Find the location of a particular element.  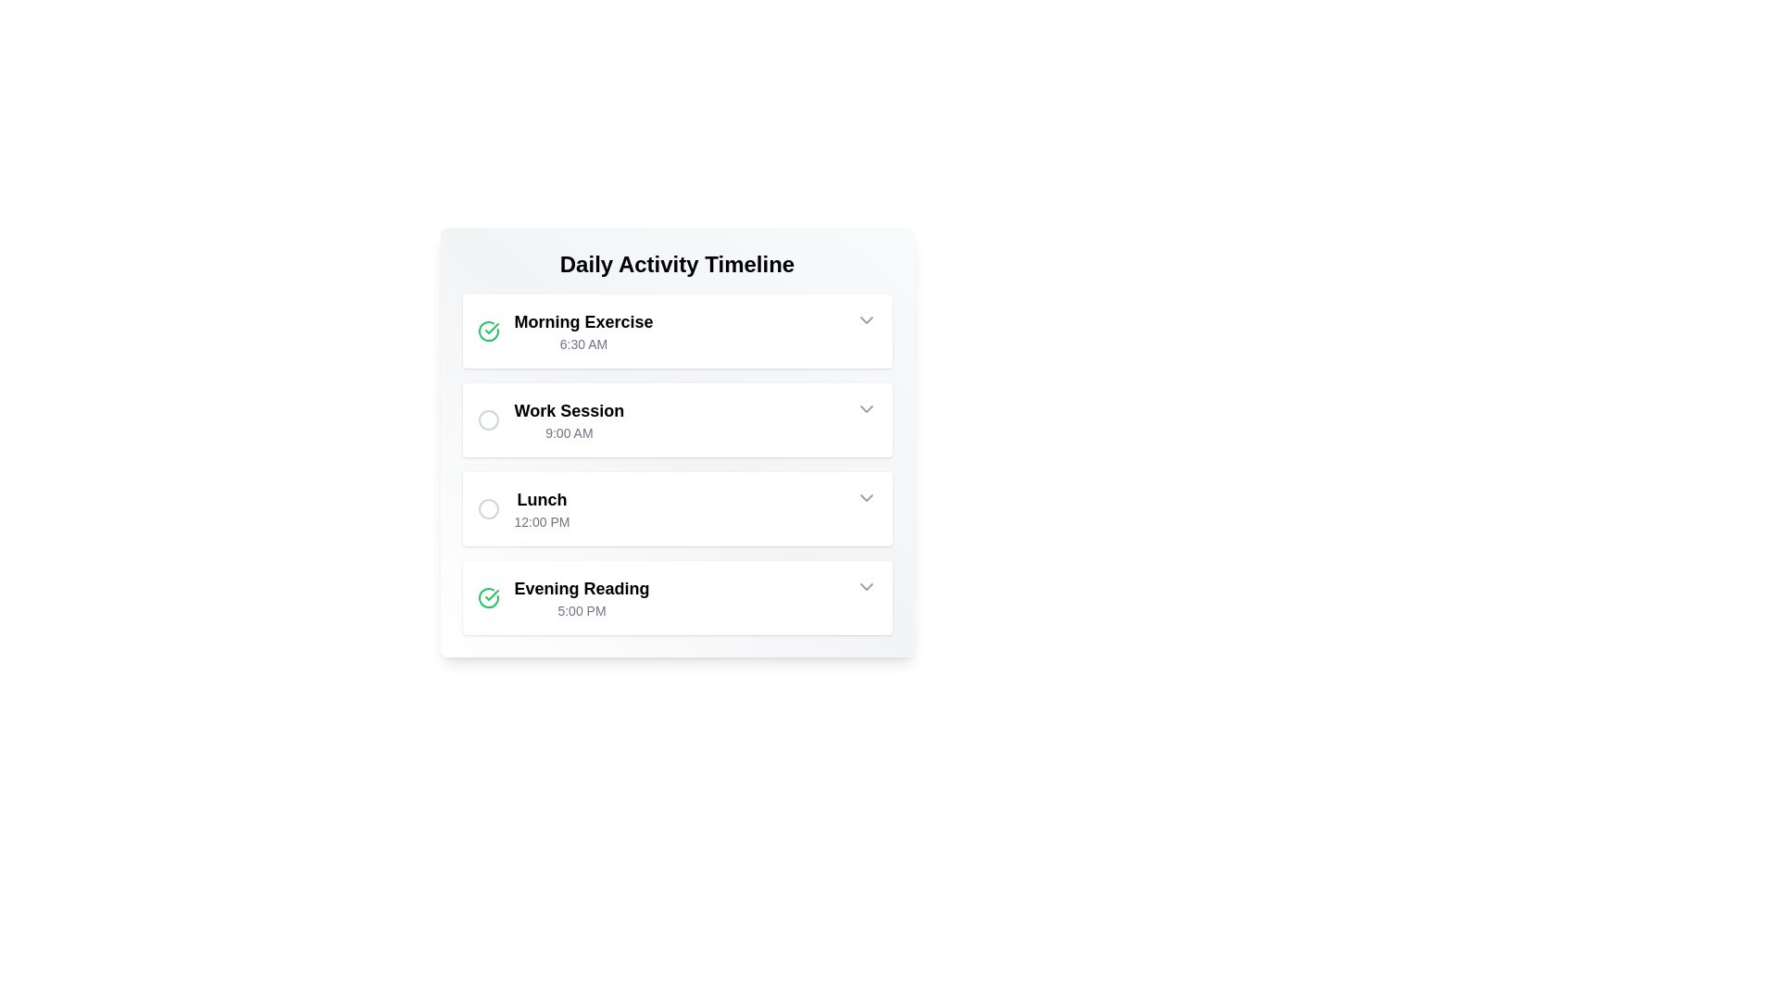

the circular icon of the scheduled task labeled 'Work Session' at 9:00 AM within the 'Daily Activity Timeline' is located at coordinates (549, 420).